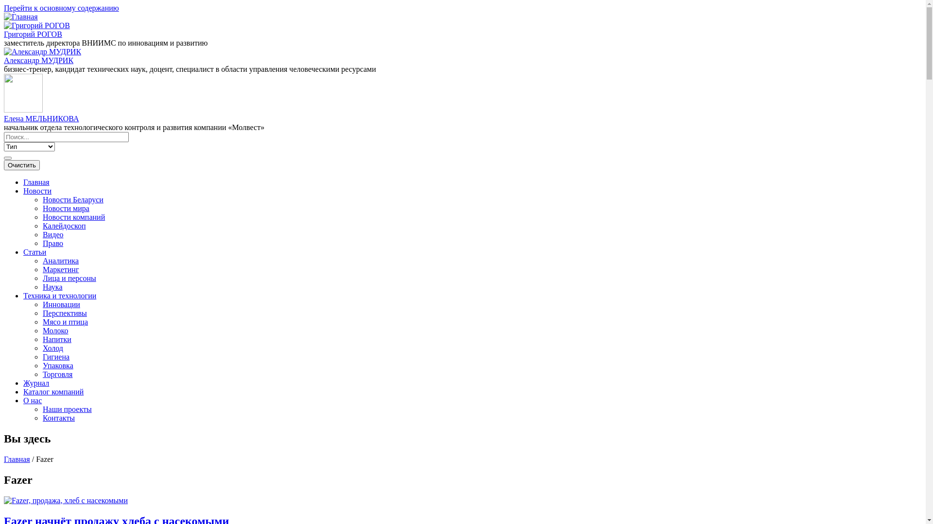 This screenshot has height=524, width=933. I want to click on '<i class="fa fa-search"></i>', so click(4, 158).